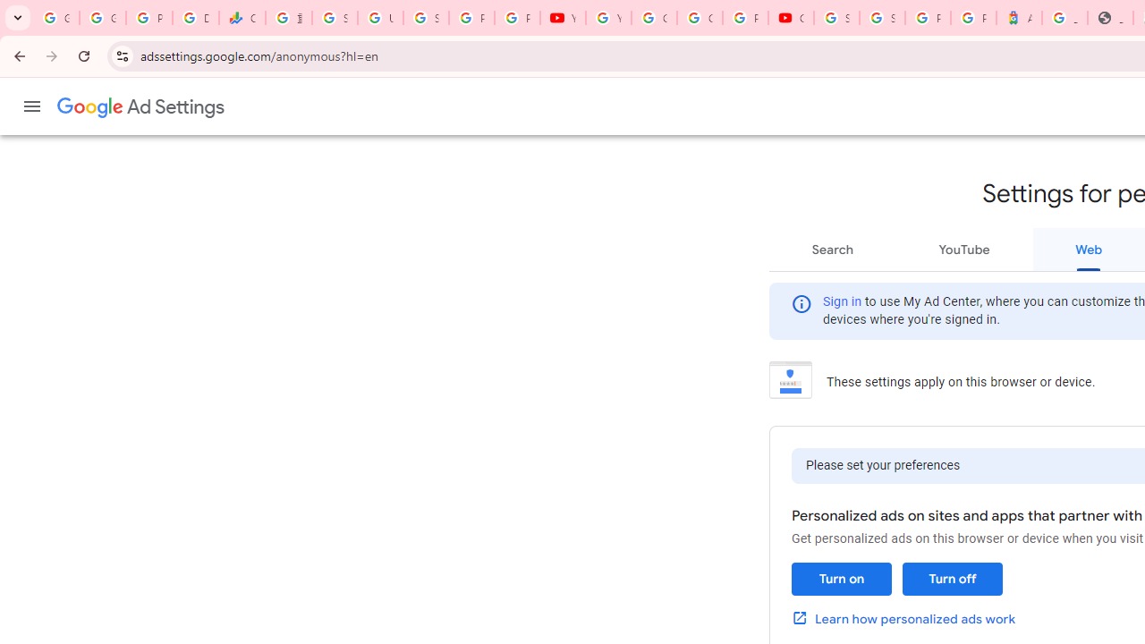  I want to click on 'Main menu', so click(31, 106).